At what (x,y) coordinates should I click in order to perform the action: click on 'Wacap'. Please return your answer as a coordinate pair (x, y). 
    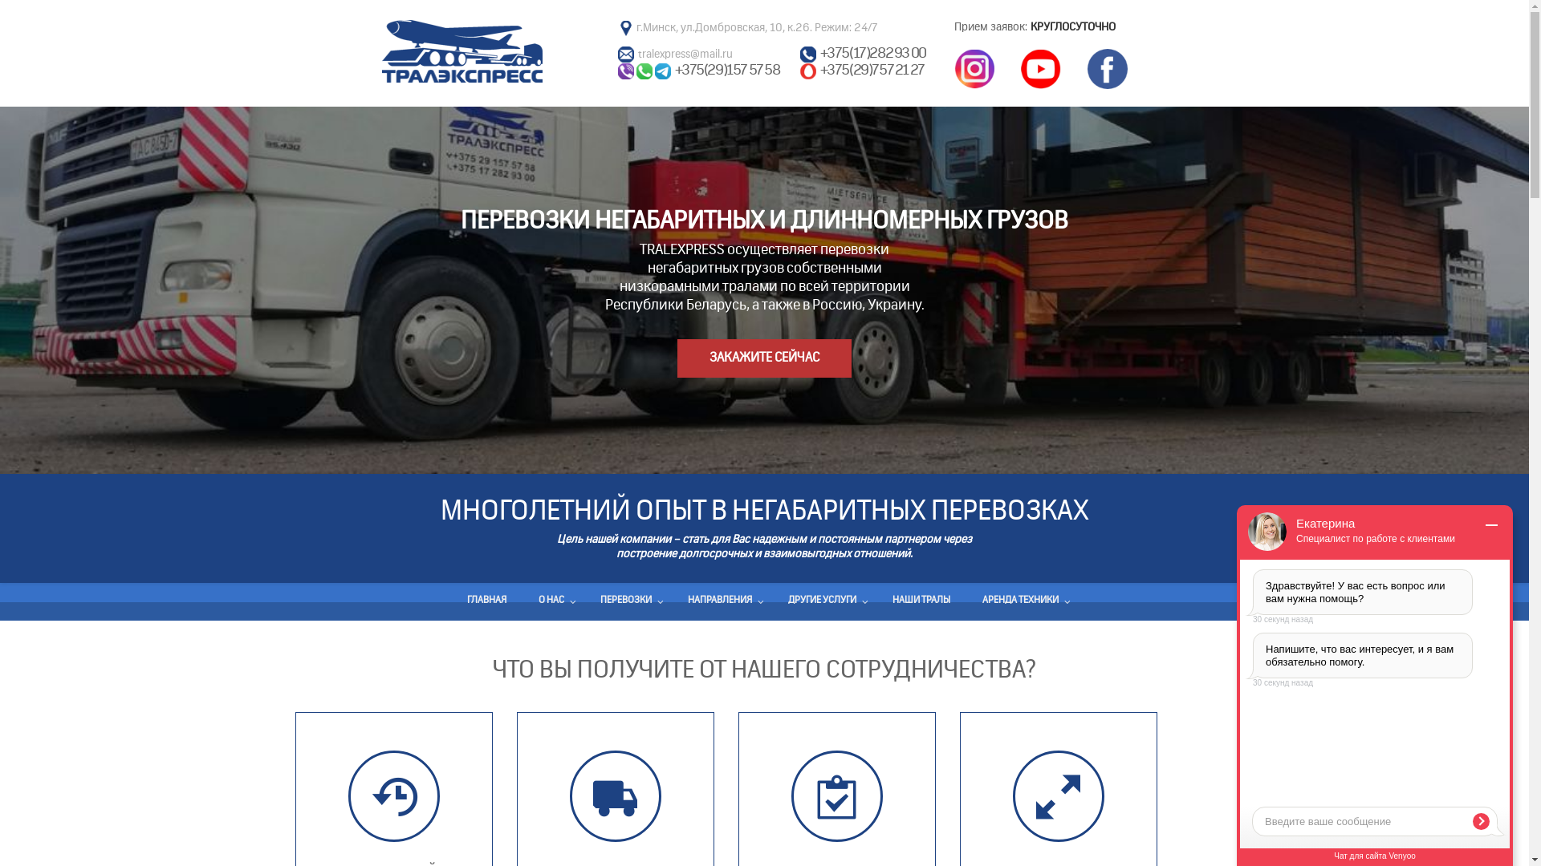
    Looking at the image, I should click on (635, 70).